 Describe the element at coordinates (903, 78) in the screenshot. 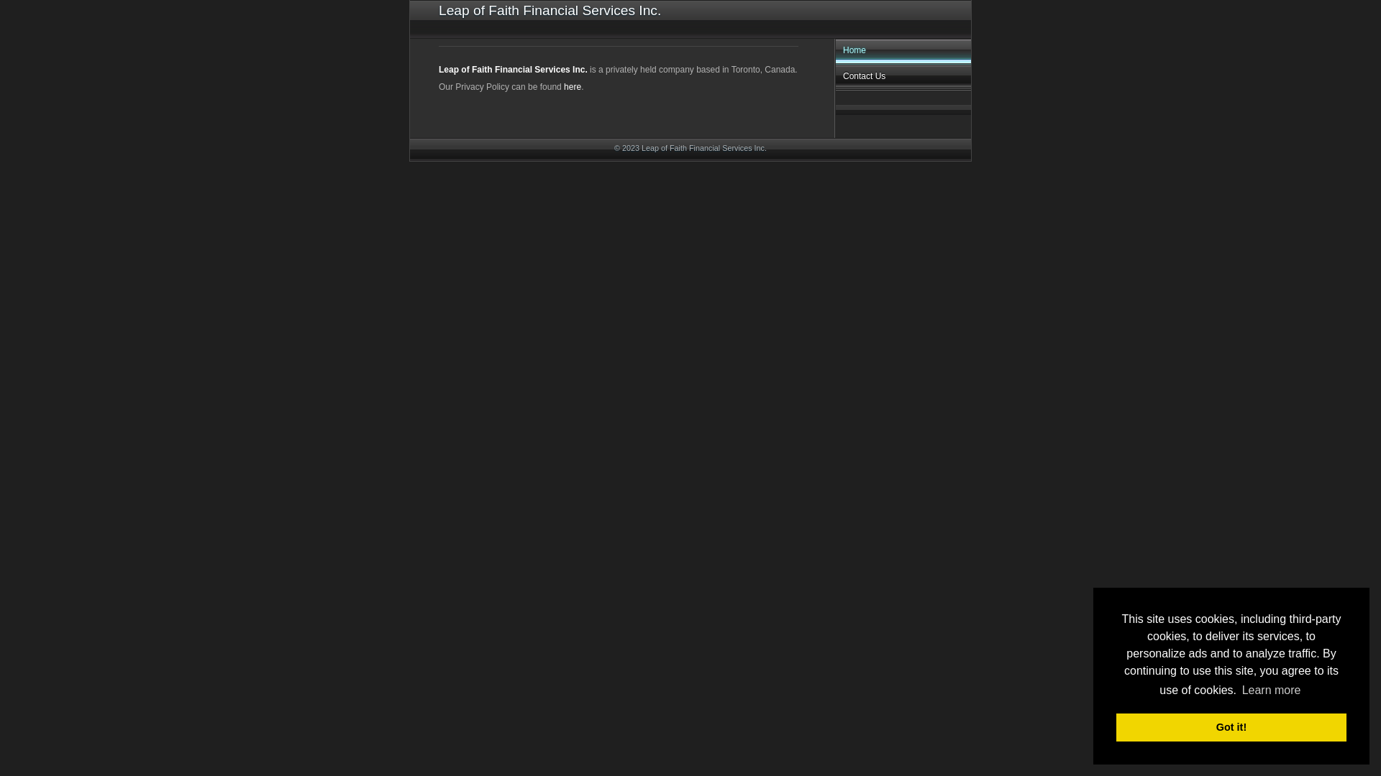

I see `'Contact Us'` at that location.